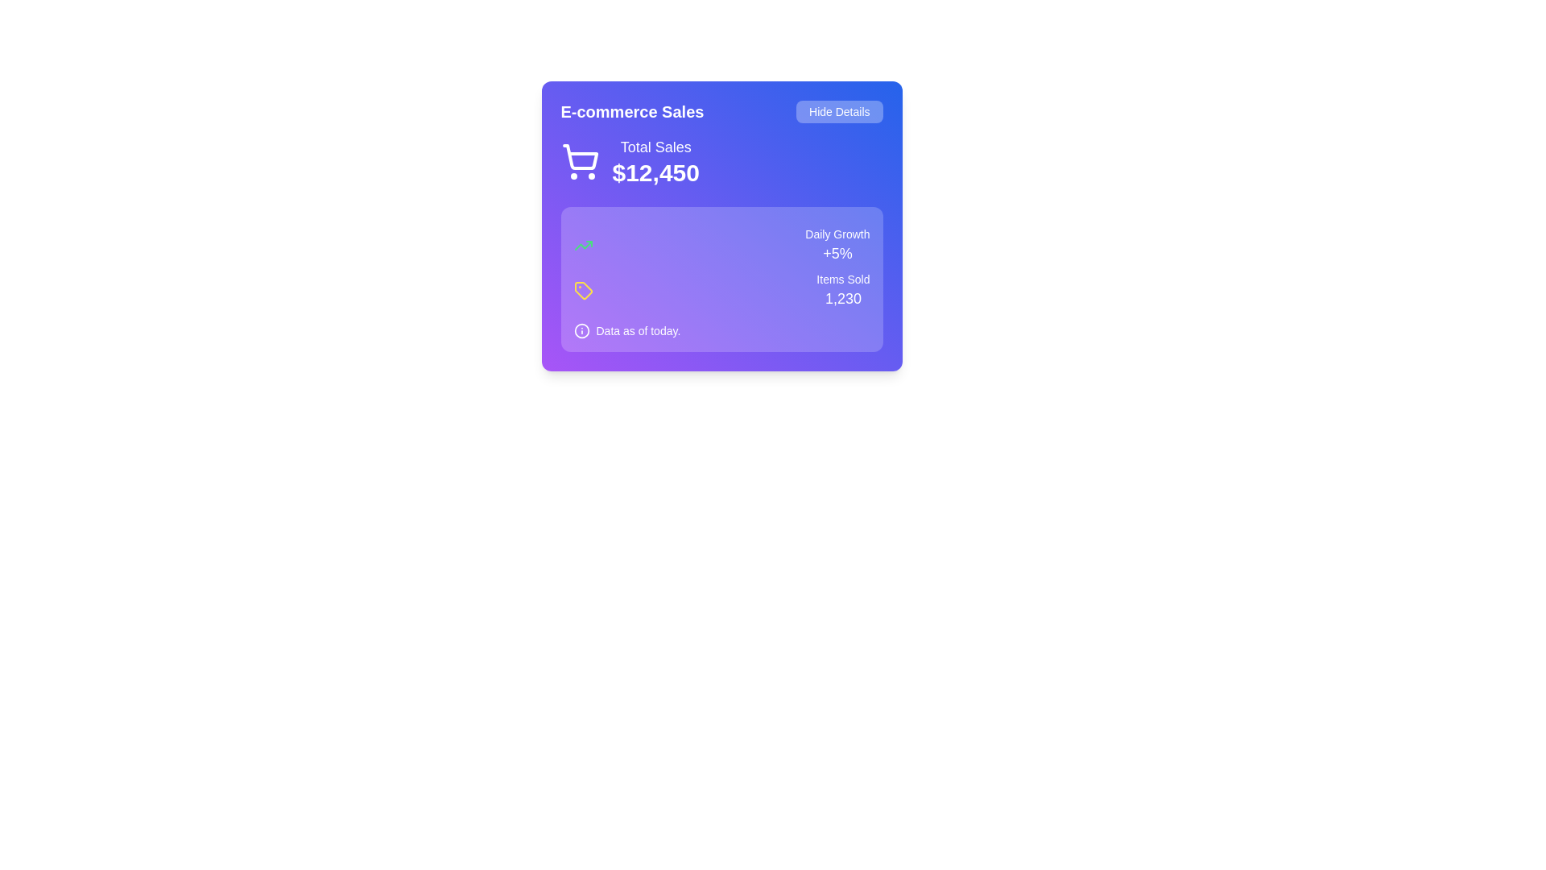  I want to click on the icon positioned near the center of the purple panel, which is used for categorization or metrics, so click(582, 291).